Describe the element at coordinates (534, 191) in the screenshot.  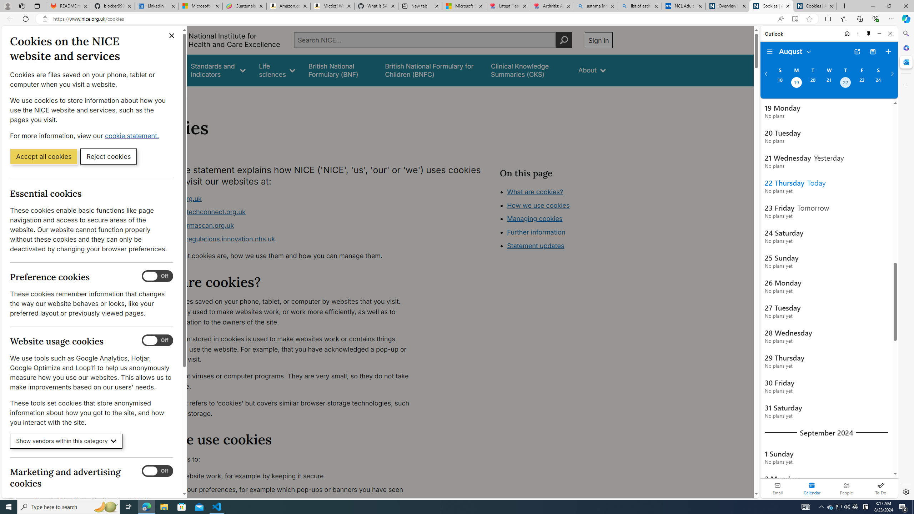
I see `'What are cookies?'` at that location.